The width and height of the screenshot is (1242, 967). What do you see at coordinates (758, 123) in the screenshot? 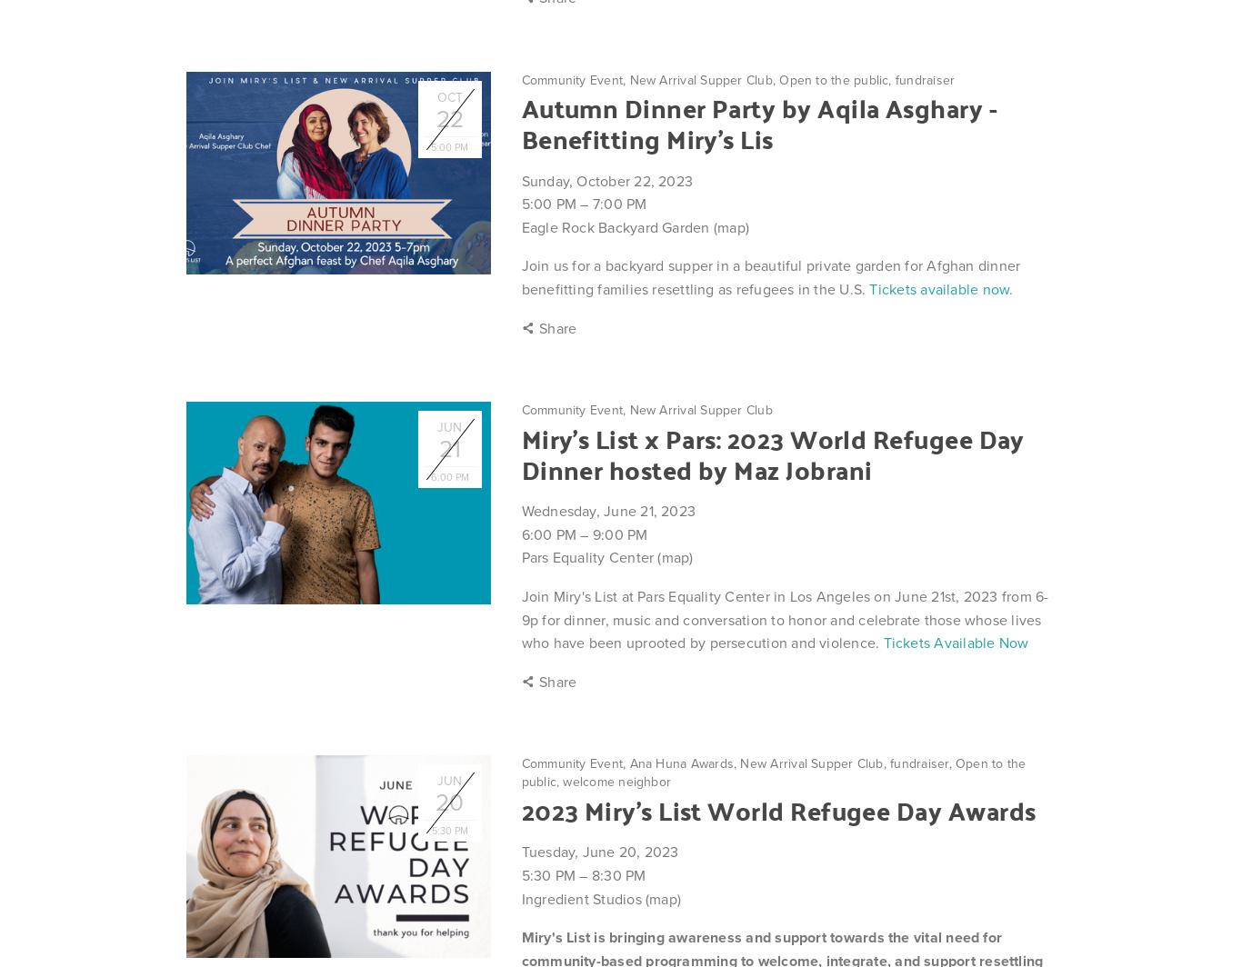
I see `'Autumn Dinner Party by Aqila Asghary - Benefitting Miry's Lis'` at bounding box center [758, 123].